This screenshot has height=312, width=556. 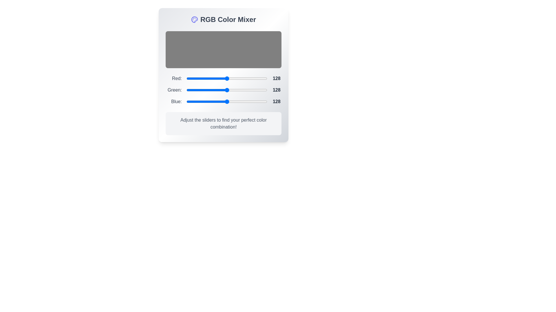 What do you see at coordinates (206, 79) in the screenshot?
I see `the 0 slider to 61` at bounding box center [206, 79].